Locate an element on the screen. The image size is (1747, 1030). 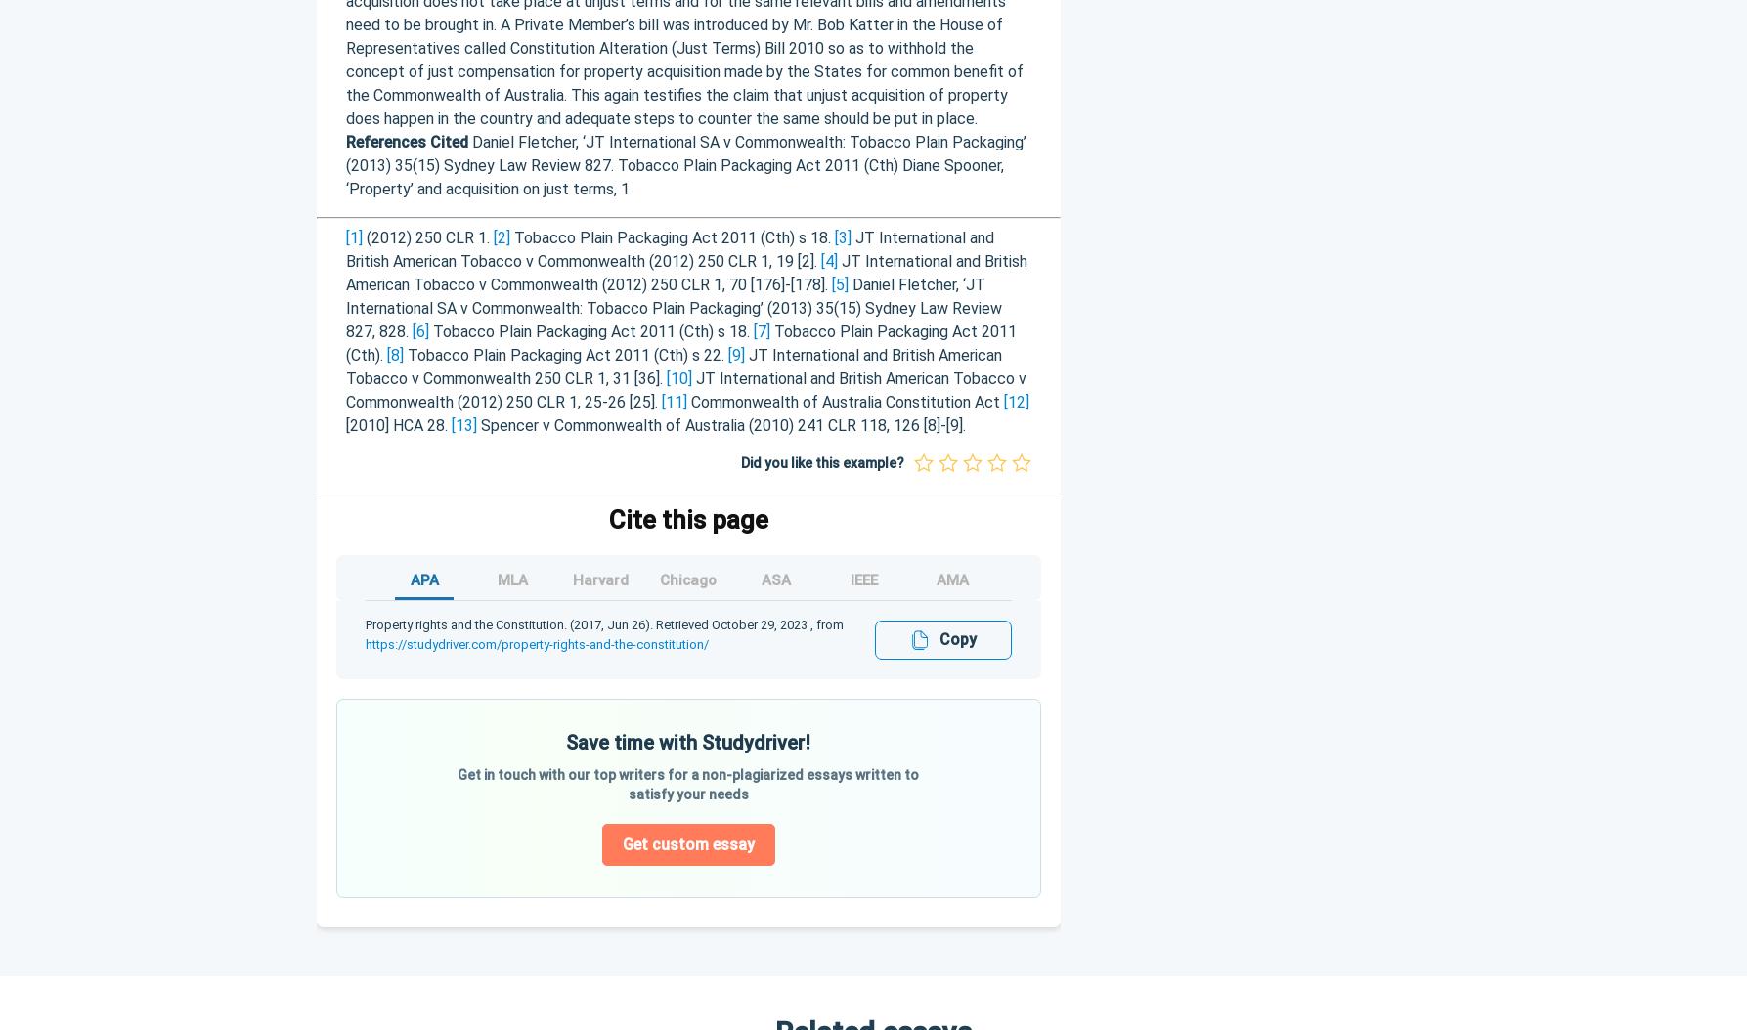
'[3]' is located at coordinates (833, 236).